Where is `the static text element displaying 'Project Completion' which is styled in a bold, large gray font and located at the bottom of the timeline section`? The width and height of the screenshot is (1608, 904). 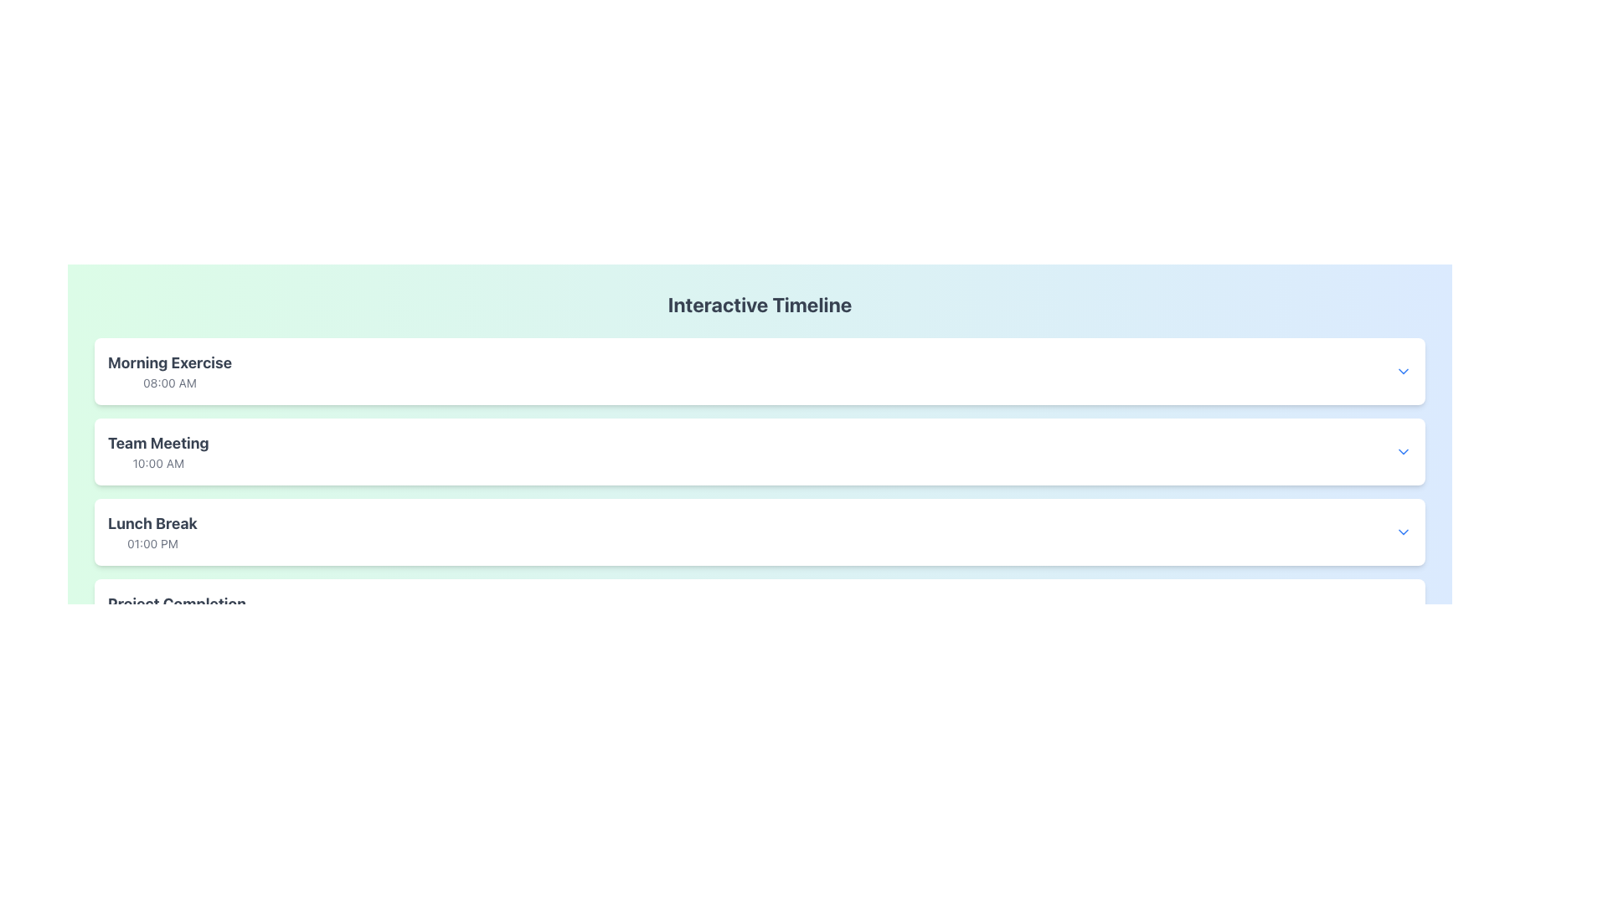 the static text element displaying 'Project Completion' which is styled in a bold, large gray font and located at the bottom of the timeline section is located at coordinates (177, 604).